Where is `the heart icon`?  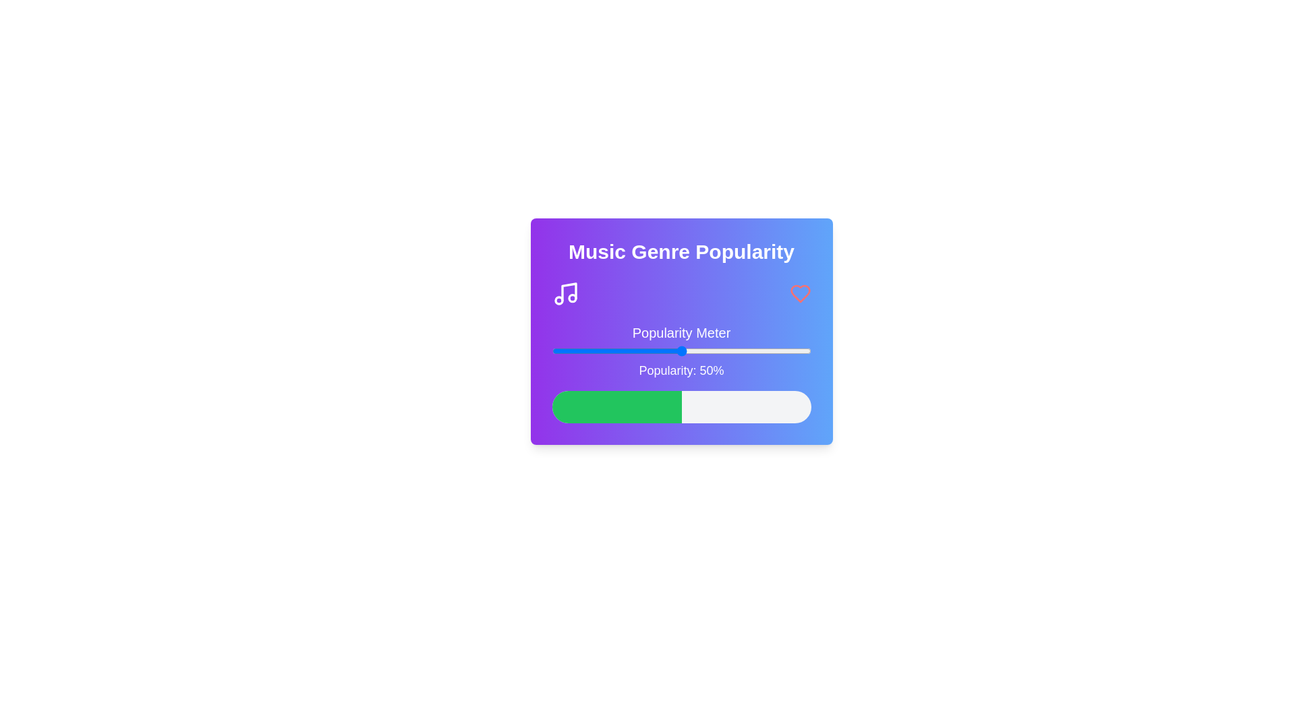
the heart icon is located at coordinates (800, 293).